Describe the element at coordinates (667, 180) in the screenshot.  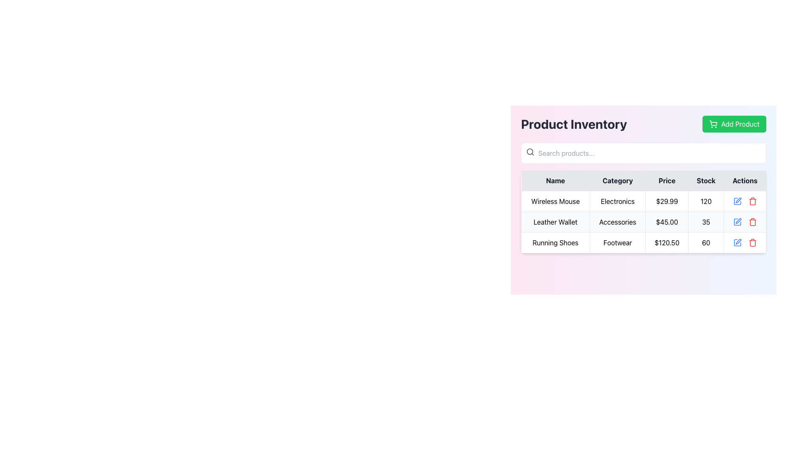
I see `the 'Price' label in the header row of the table, which is styled in bold black font and is the third entry in the header, positioned between 'Category' and 'Stock'` at that location.